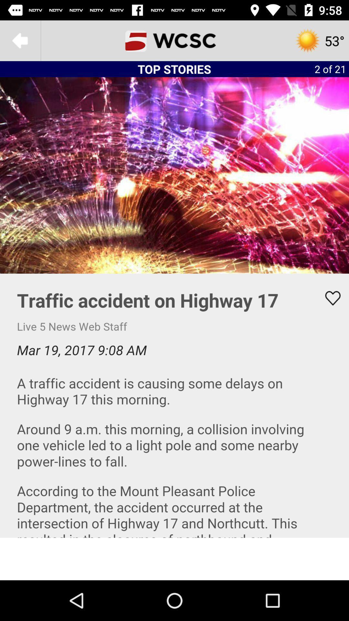 This screenshot has height=621, width=349. What do you see at coordinates (174, 405) in the screenshot?
I see `color print` at bounding box center [174, 405].